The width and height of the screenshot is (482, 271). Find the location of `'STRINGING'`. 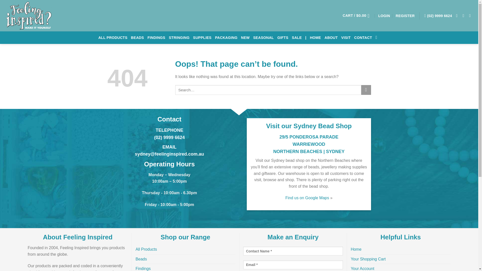

'STRINGING' is located at coordinates (169, 37).